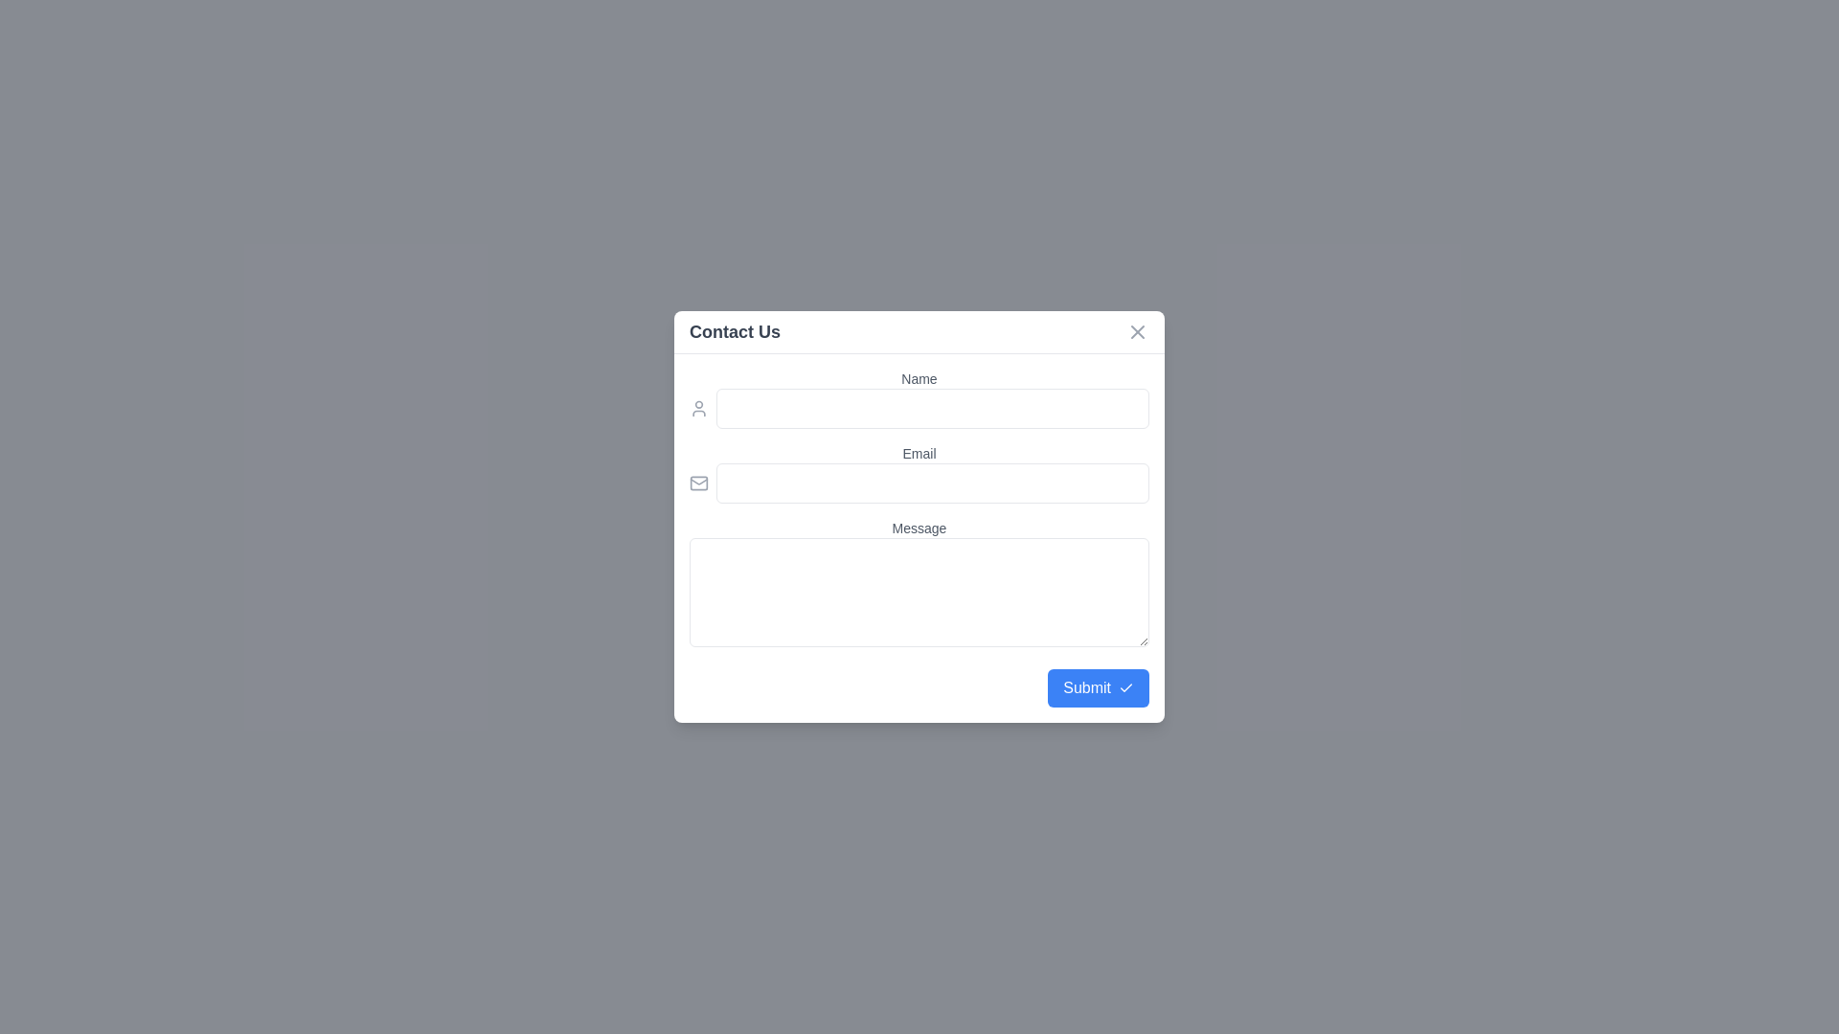  I want to click on the modal dialog body containing input fields for 'Name', 'Email', and 'Message', so click(919, 517).